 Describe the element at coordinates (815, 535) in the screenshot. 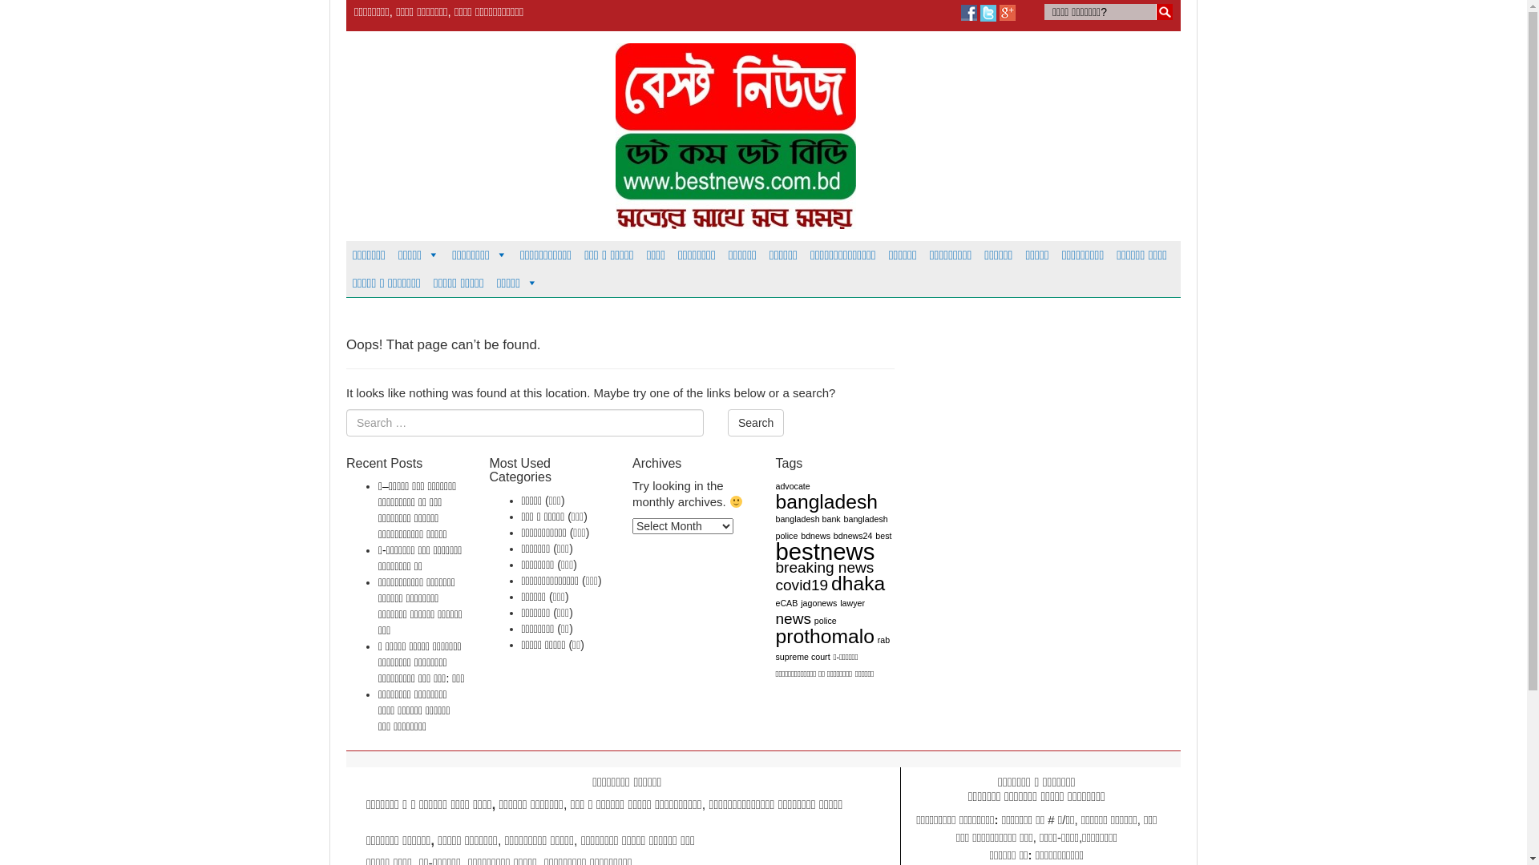

I see `'bdnews'` at that location.